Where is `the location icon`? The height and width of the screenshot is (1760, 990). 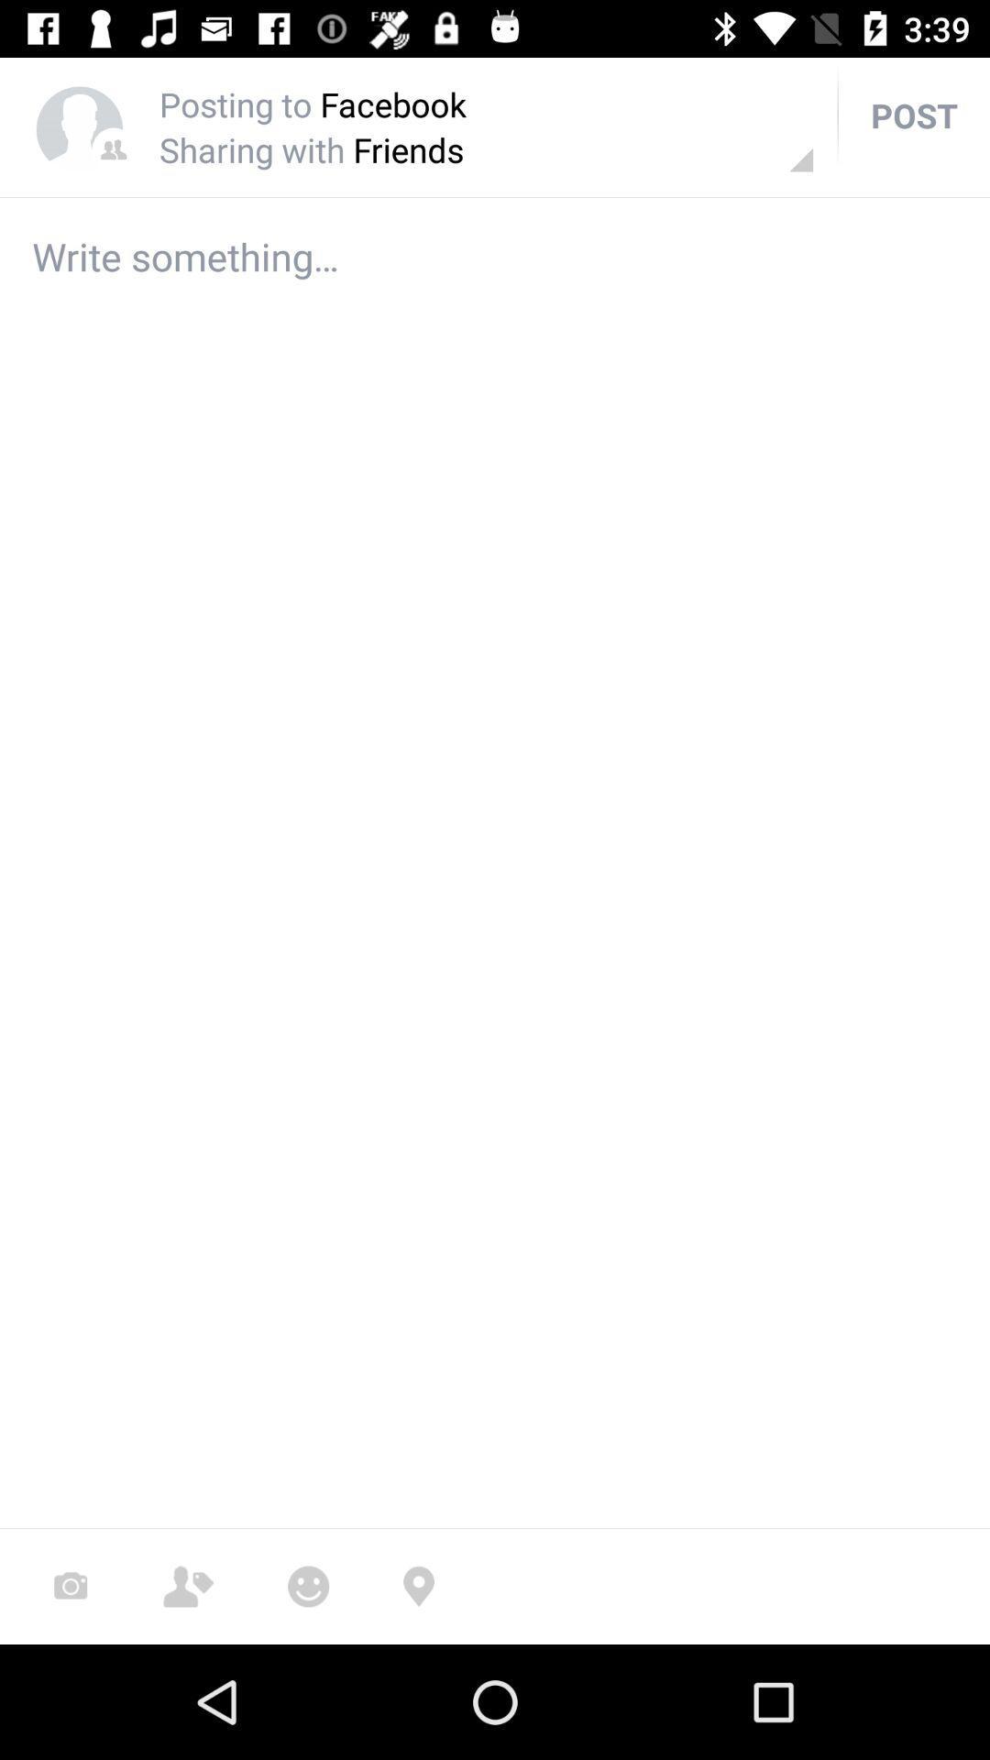
the location icon is located at coordinates (418, 1586).